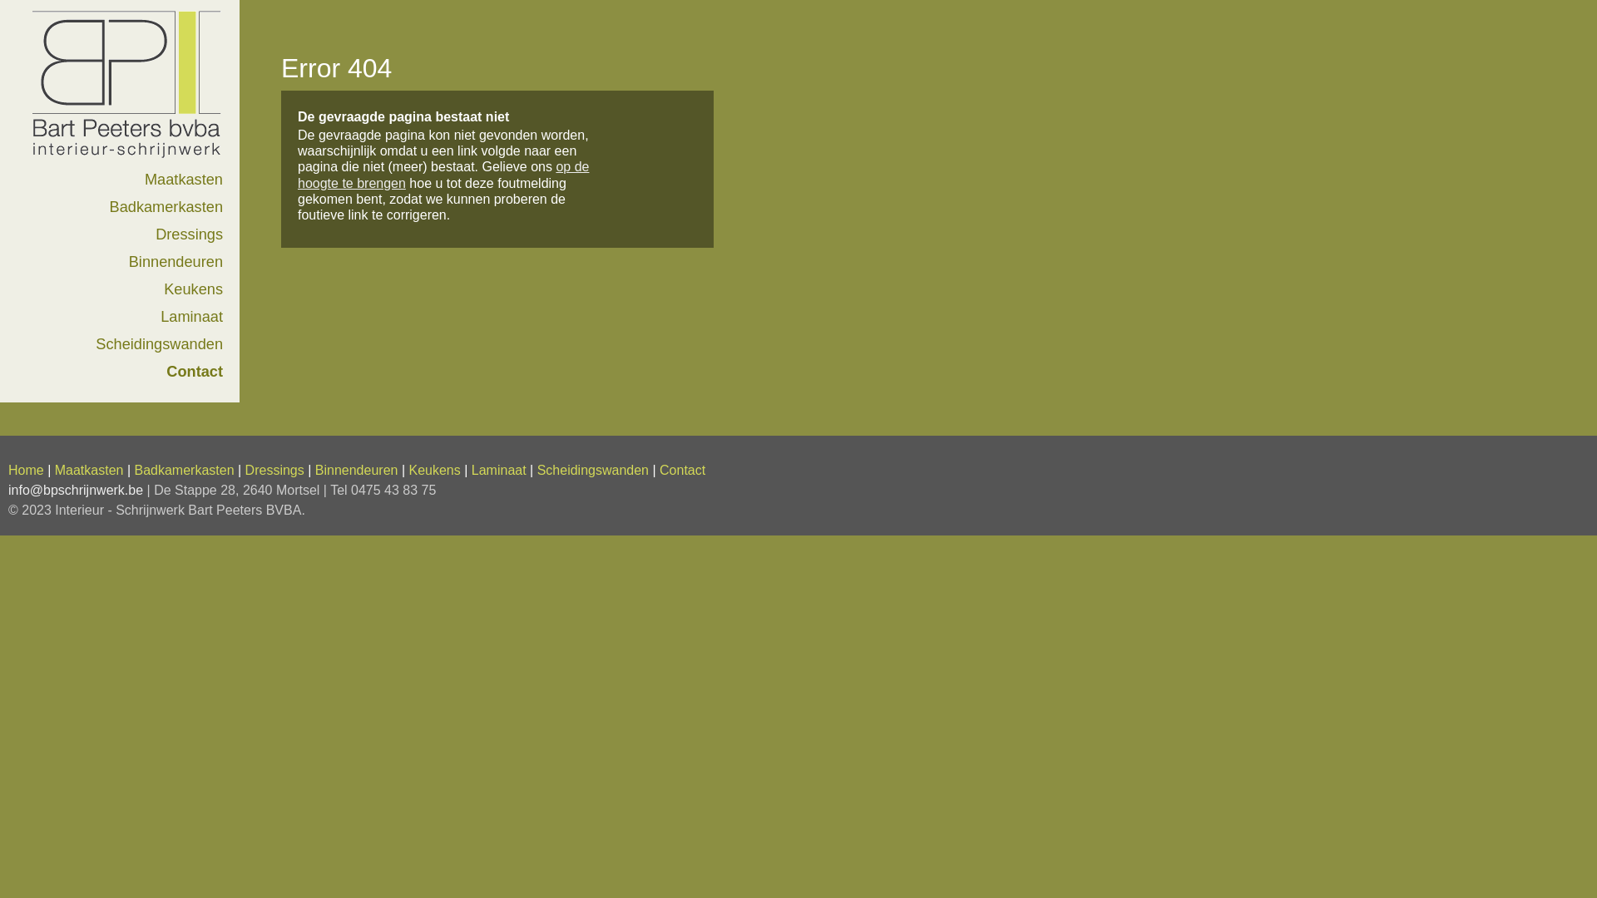  Describe the element at coordinates (121, 160) in the screenshot. I see `'Home'` at that location.